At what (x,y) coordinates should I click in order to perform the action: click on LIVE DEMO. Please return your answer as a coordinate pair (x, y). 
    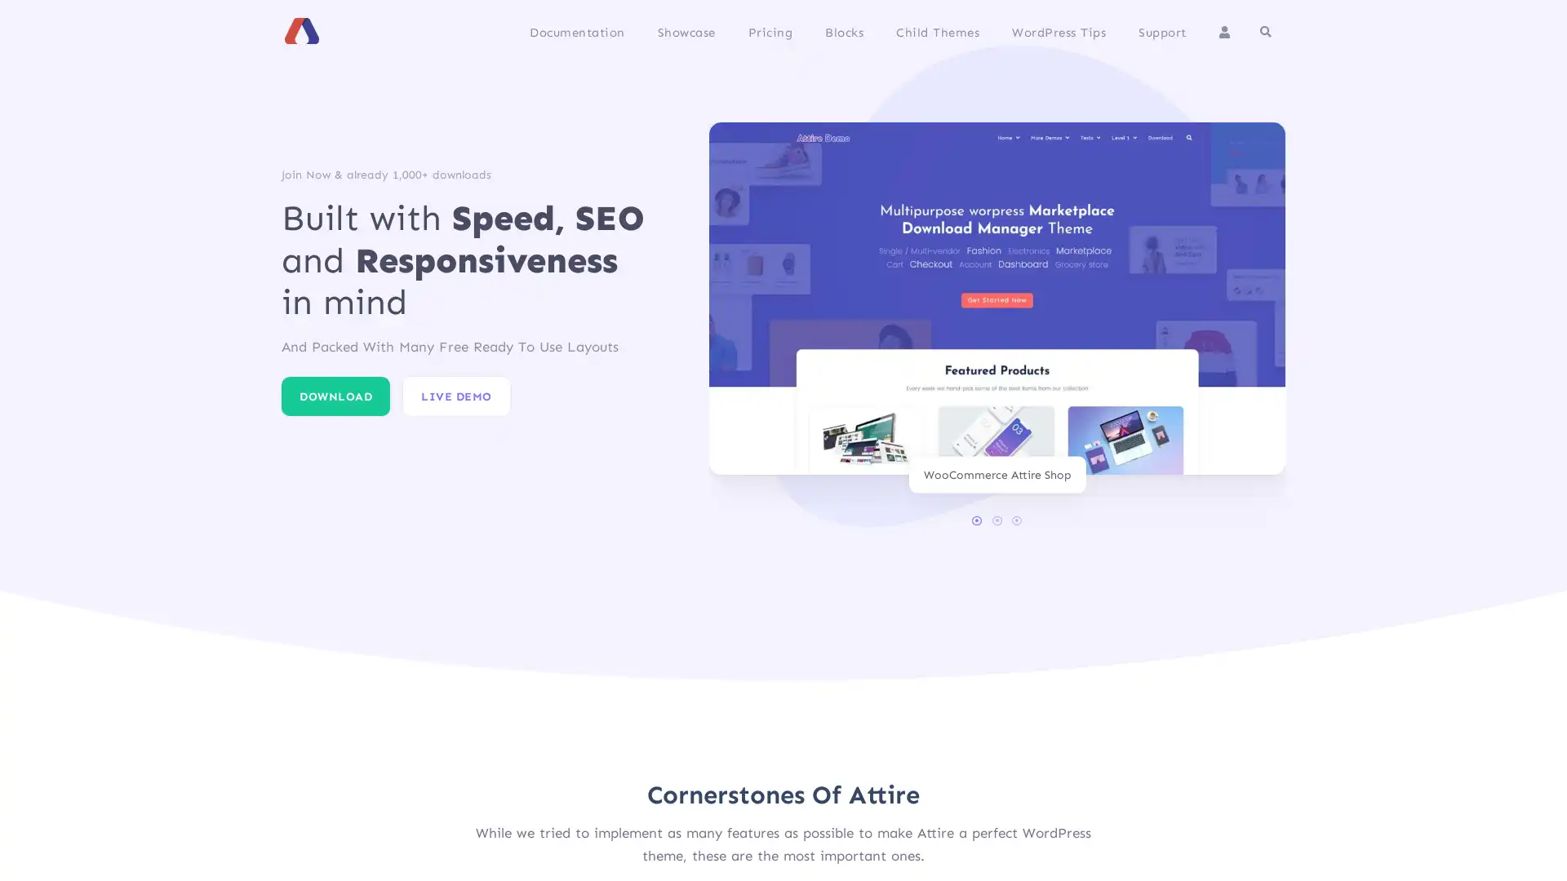
    Looking at the image, I should click on (455, 396).